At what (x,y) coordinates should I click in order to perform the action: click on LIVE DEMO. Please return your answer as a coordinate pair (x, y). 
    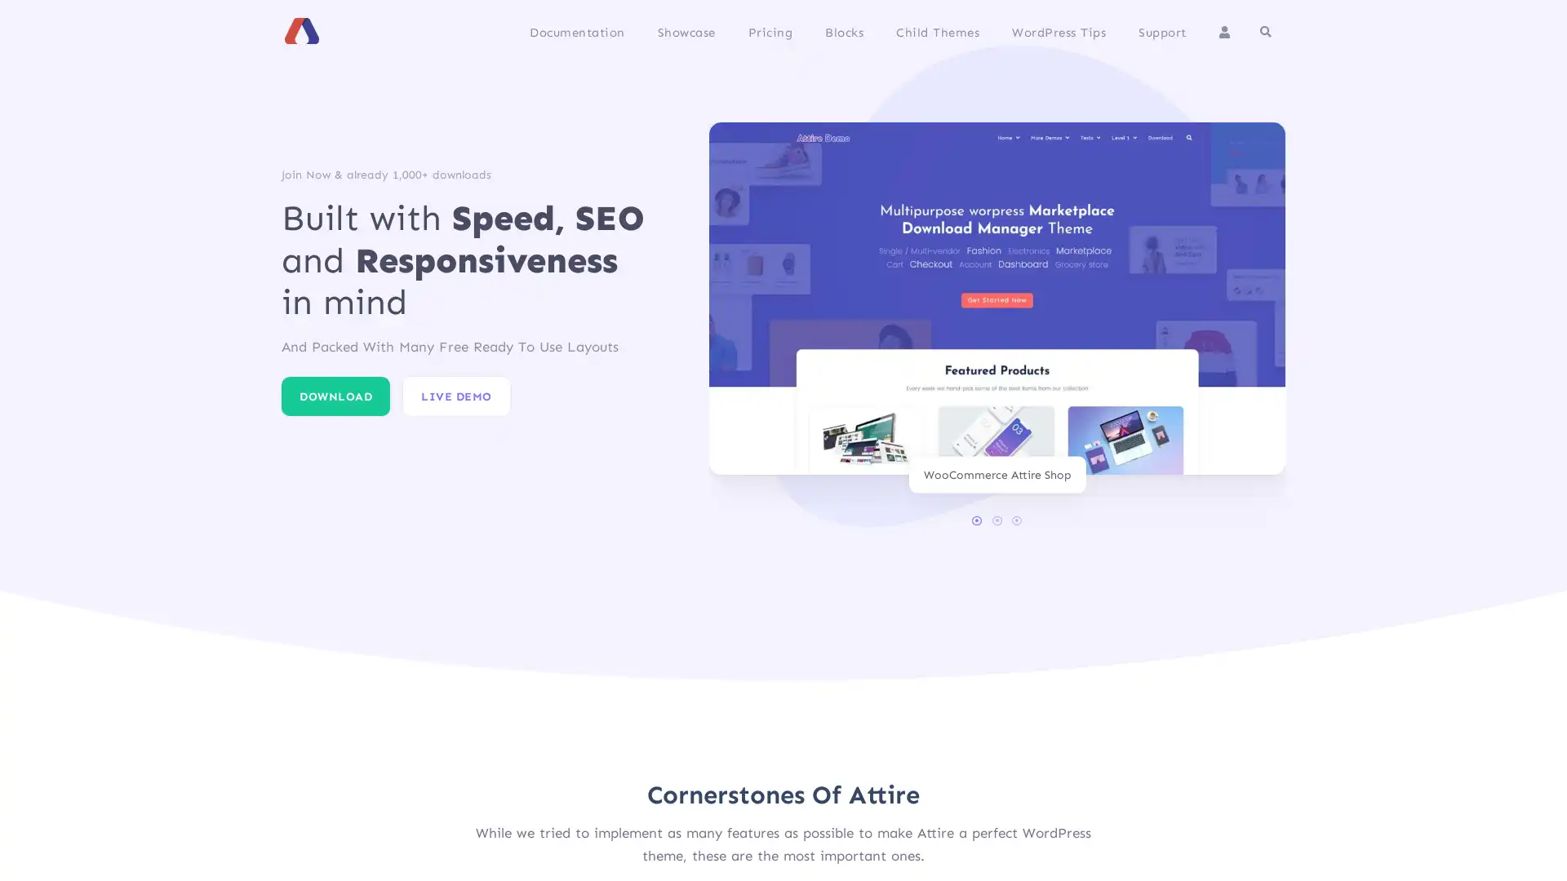
    Looking at the image, I should click on (455, 396).